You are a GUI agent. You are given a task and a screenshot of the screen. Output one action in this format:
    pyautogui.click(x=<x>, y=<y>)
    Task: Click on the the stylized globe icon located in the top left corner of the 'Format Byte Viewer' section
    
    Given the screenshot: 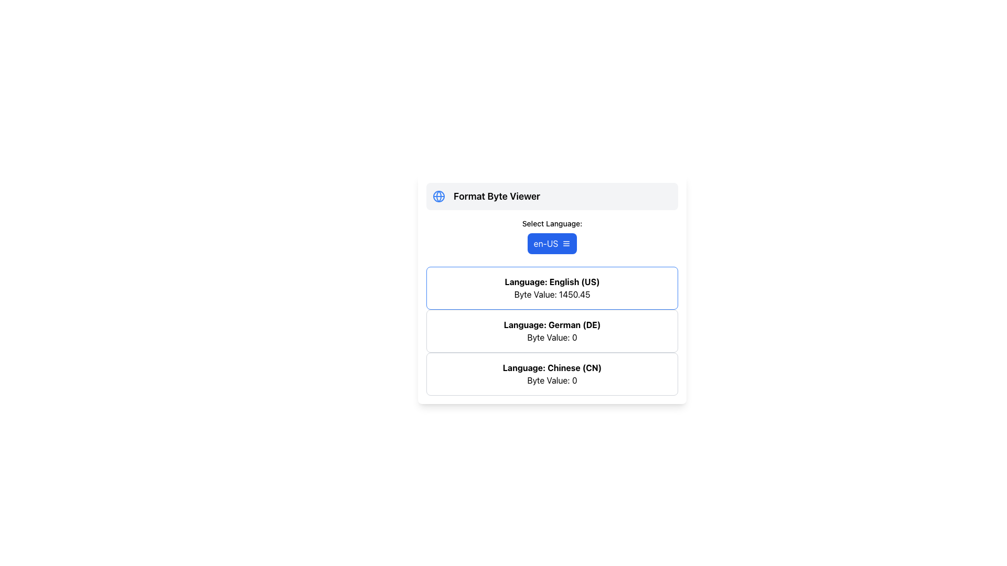 What is the action you would take?
    pyautogui.click(x=438, y=196)
    